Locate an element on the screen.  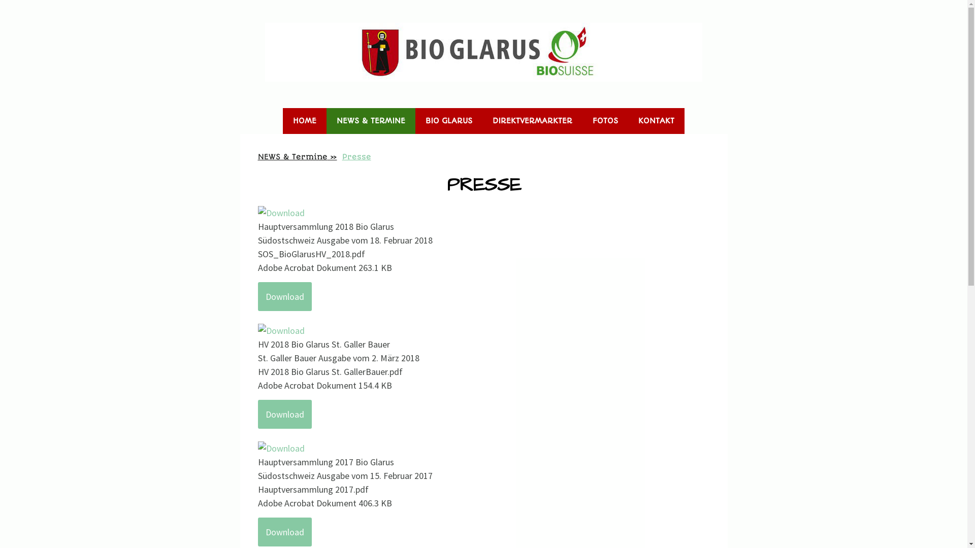
'Download' is located at coordinates (284, 414).